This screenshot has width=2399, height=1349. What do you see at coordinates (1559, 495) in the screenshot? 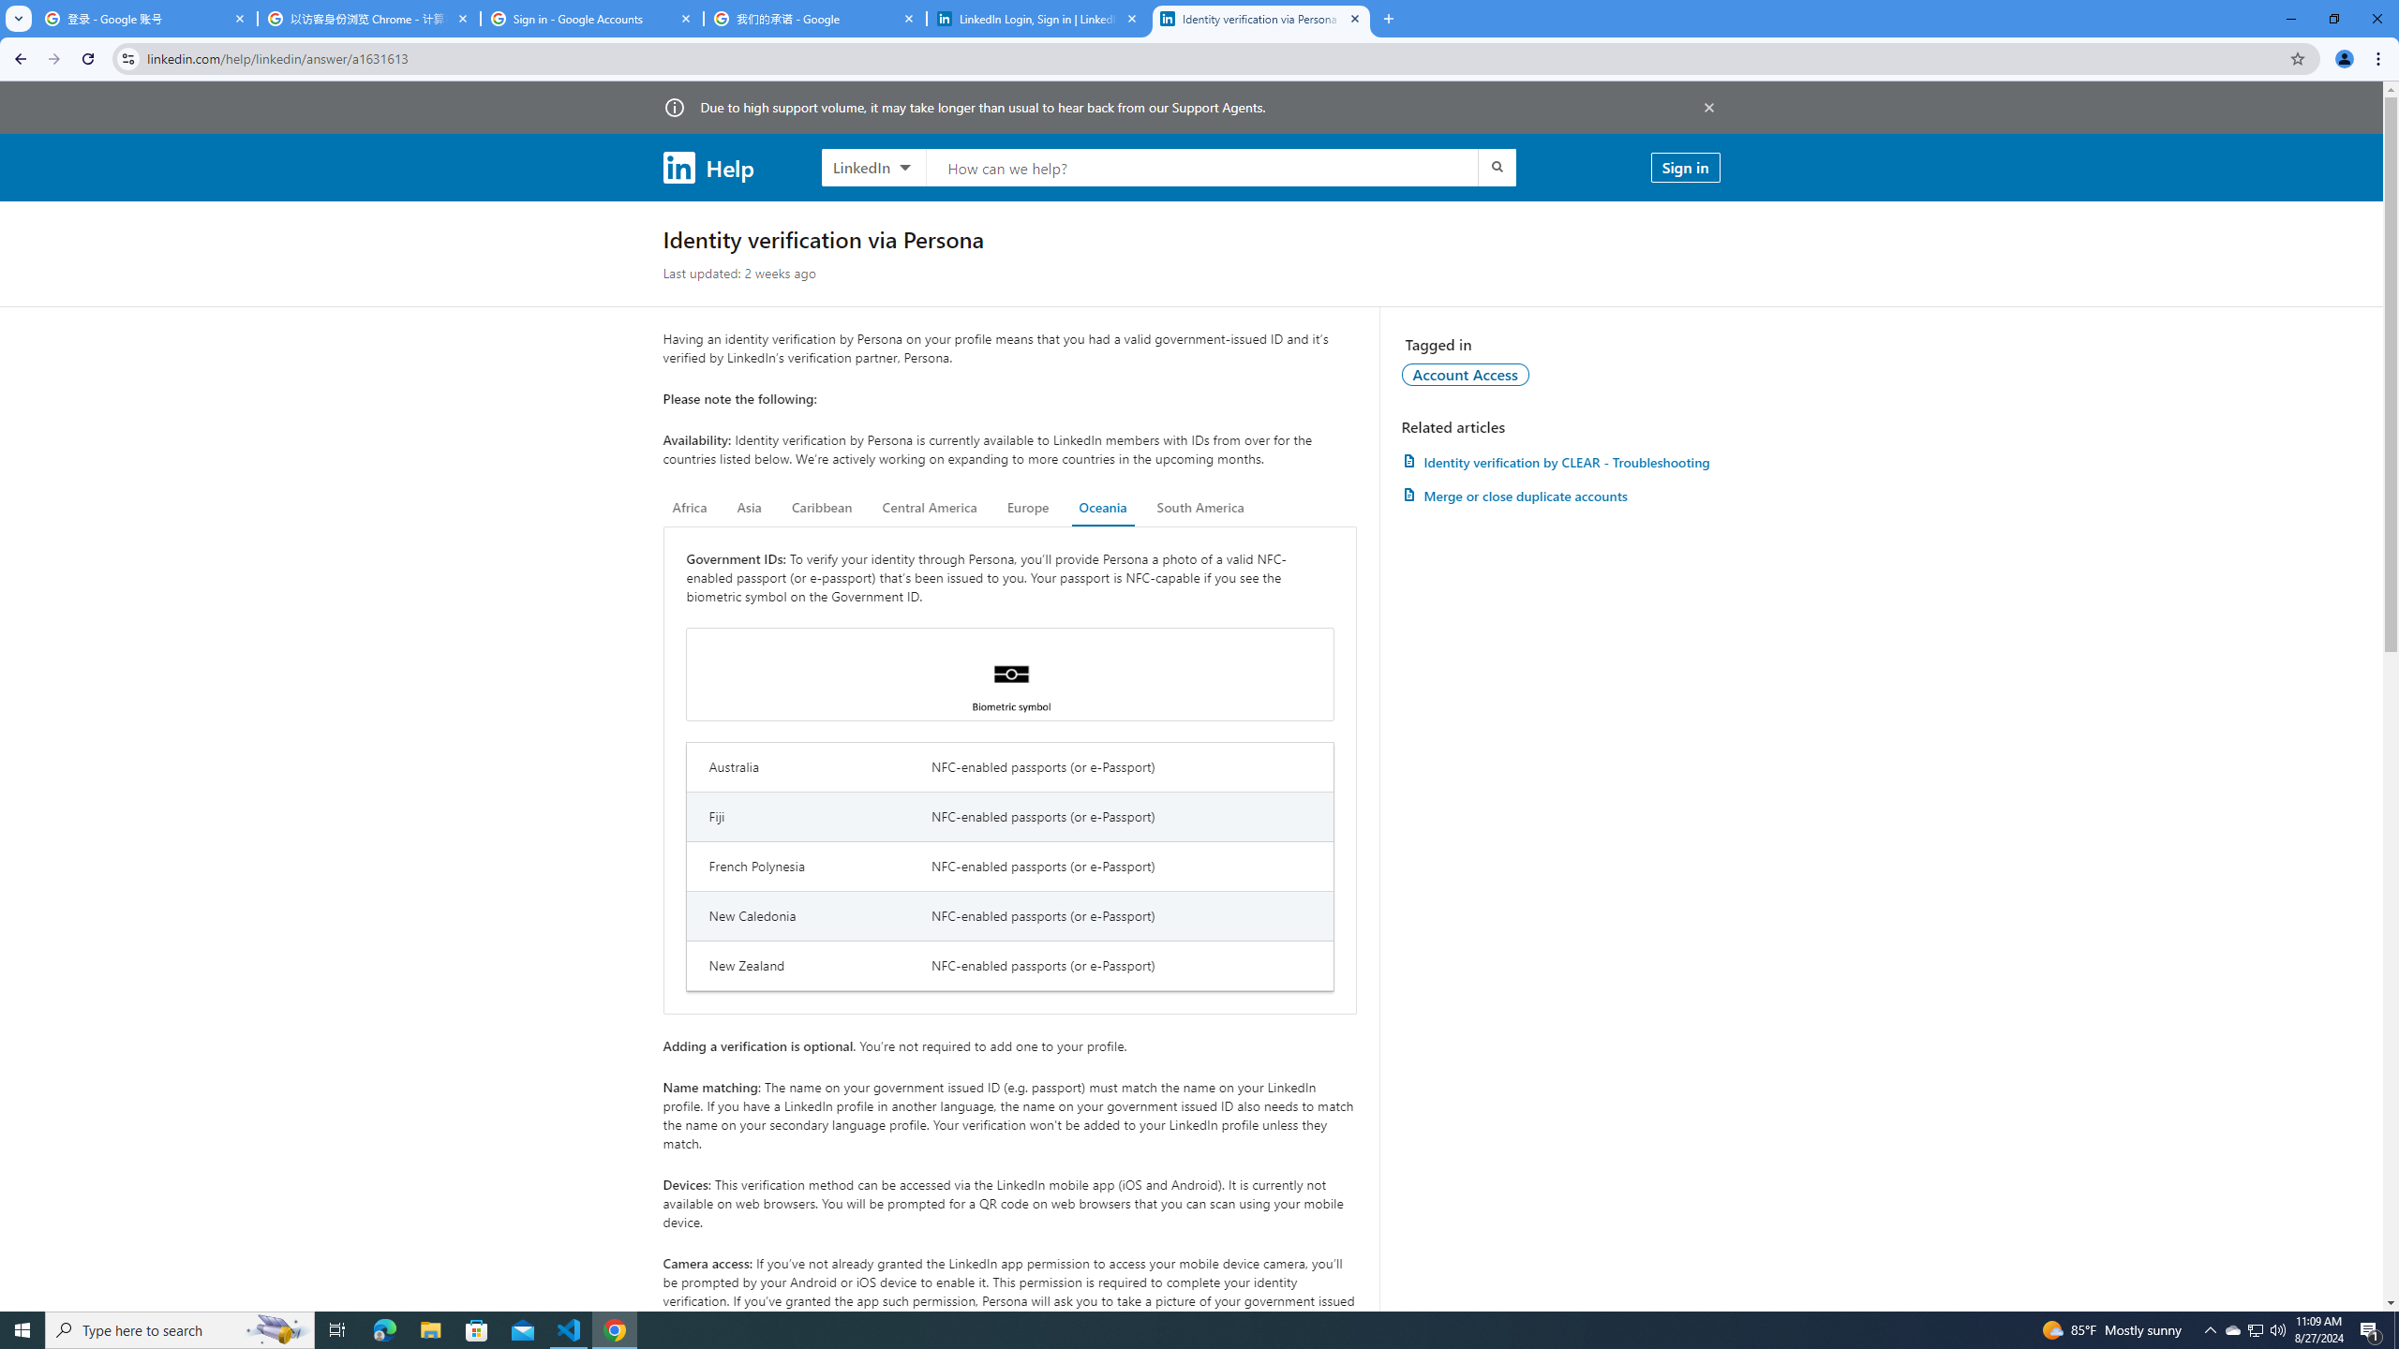
I see `'AutomationID: article-link-a1337200'` at bounding box center [1559, 495].